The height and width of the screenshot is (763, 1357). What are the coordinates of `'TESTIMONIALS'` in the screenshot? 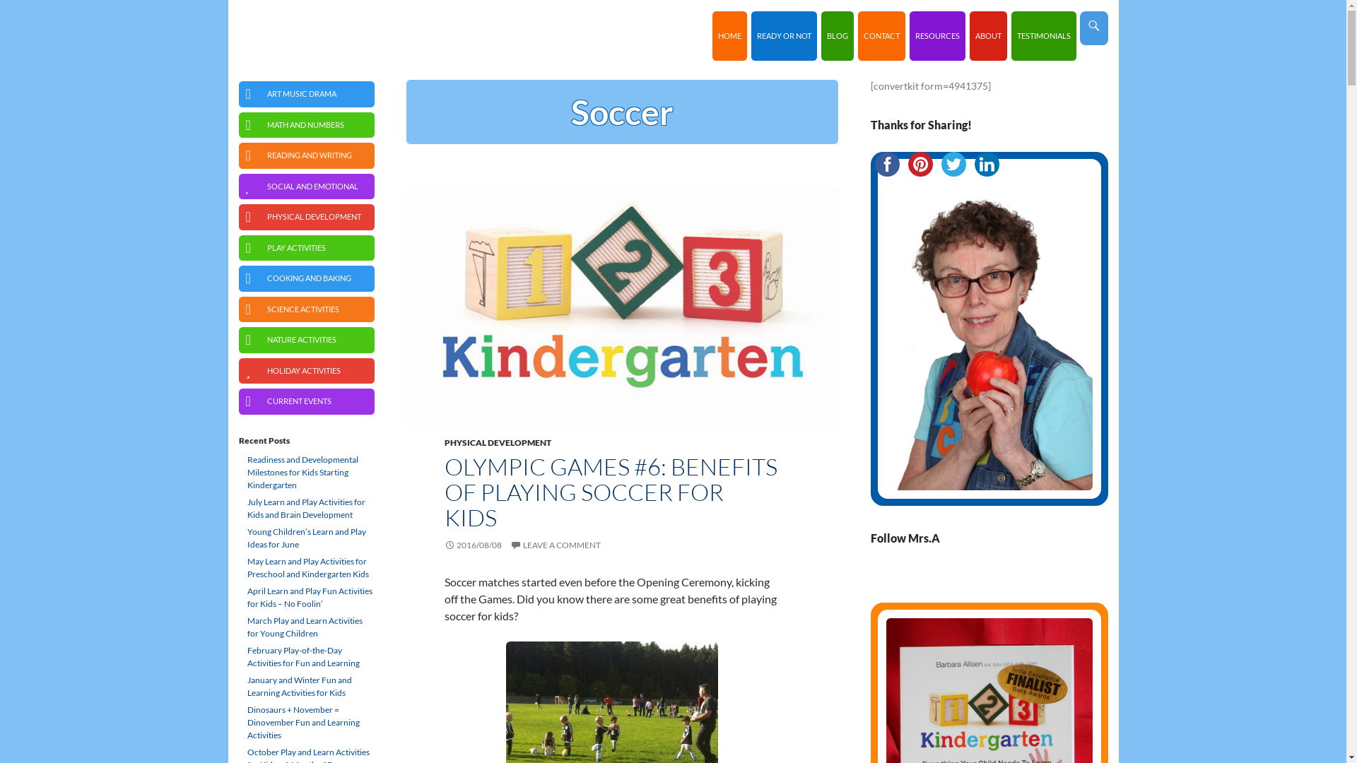 It's located at (1043, 35).